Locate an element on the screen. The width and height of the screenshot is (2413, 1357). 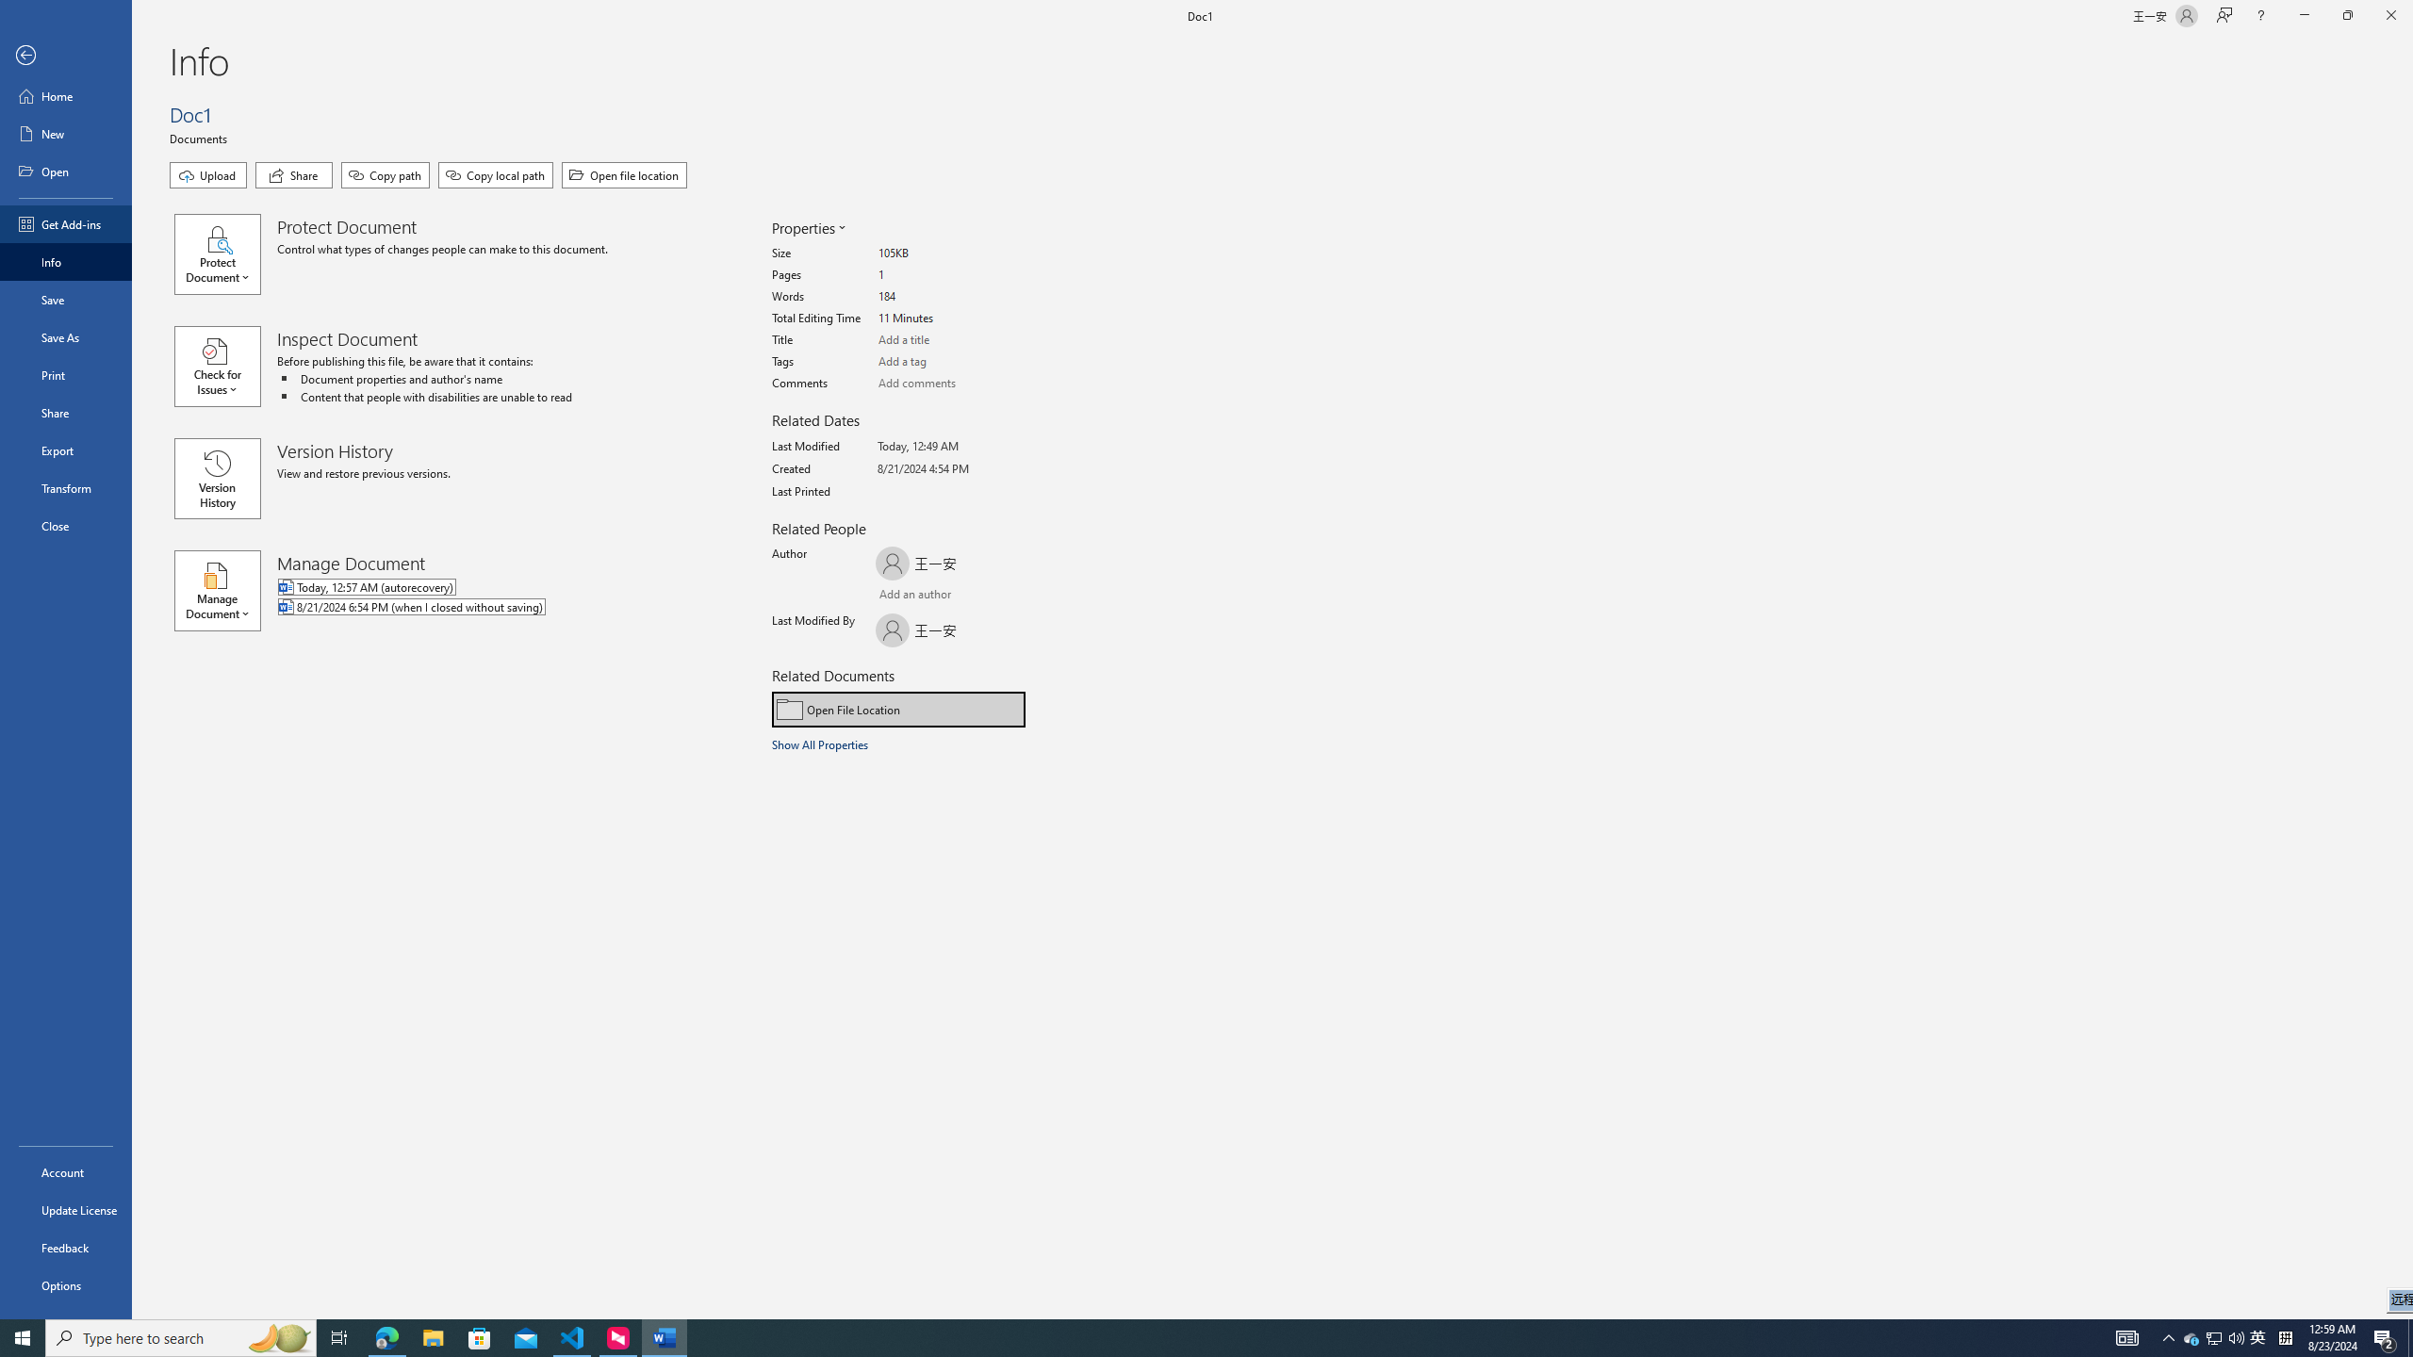
'Show All Properties' is located at coordinates (821, 743).